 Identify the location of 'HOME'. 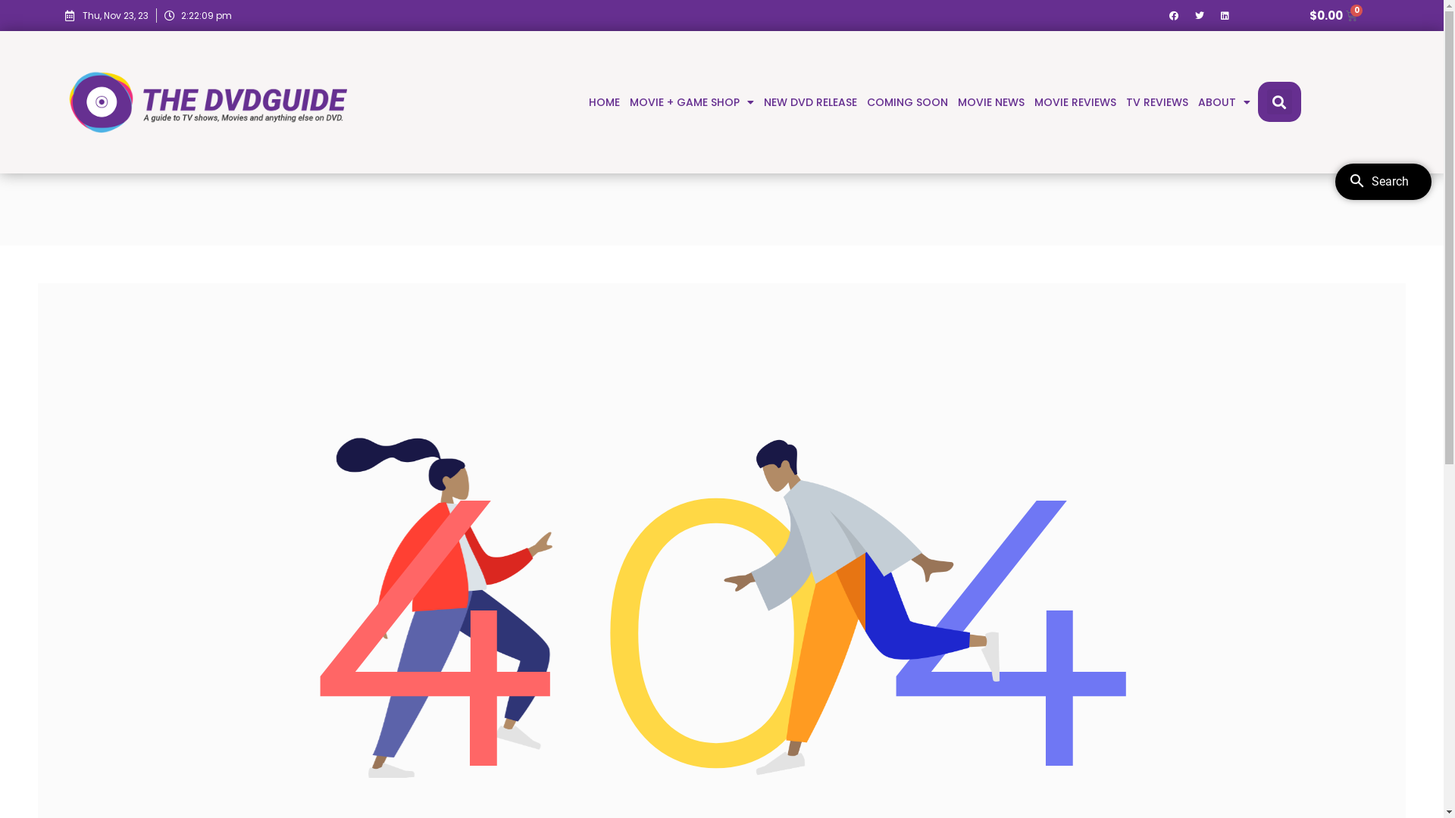
(603, 102).